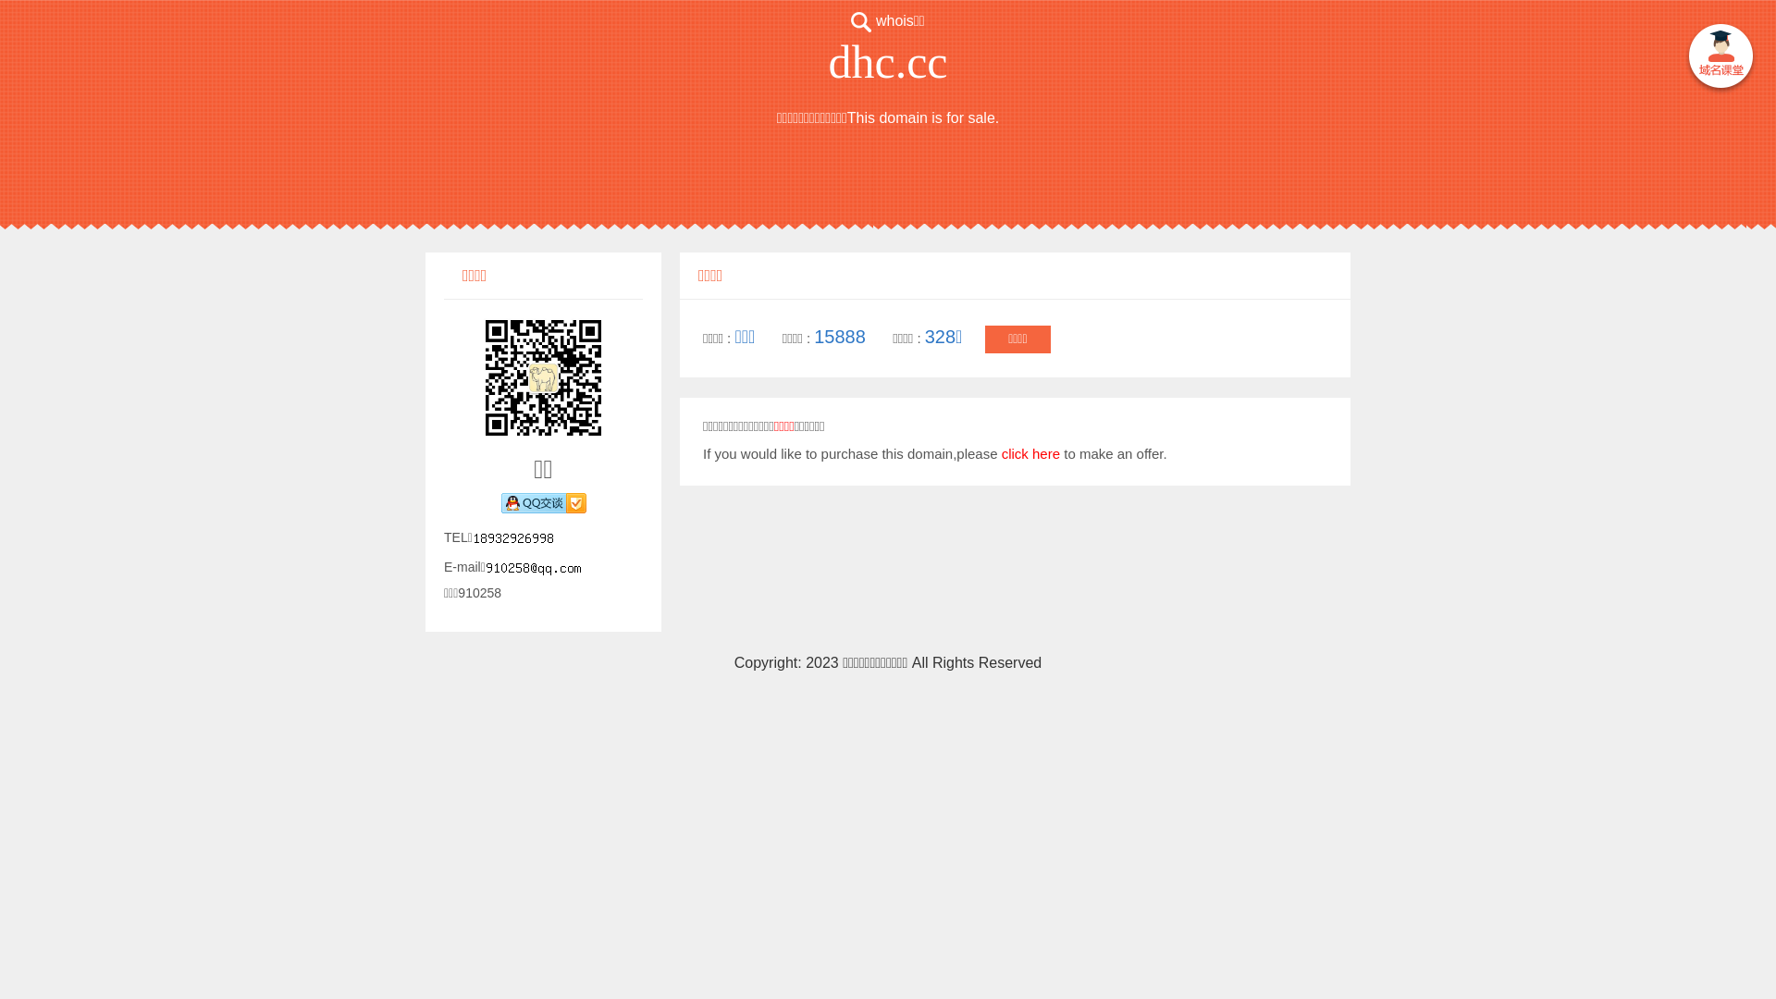  Describe the element at coordinates (1001, 453) in the screenshot. I see `'click here'` at that location.